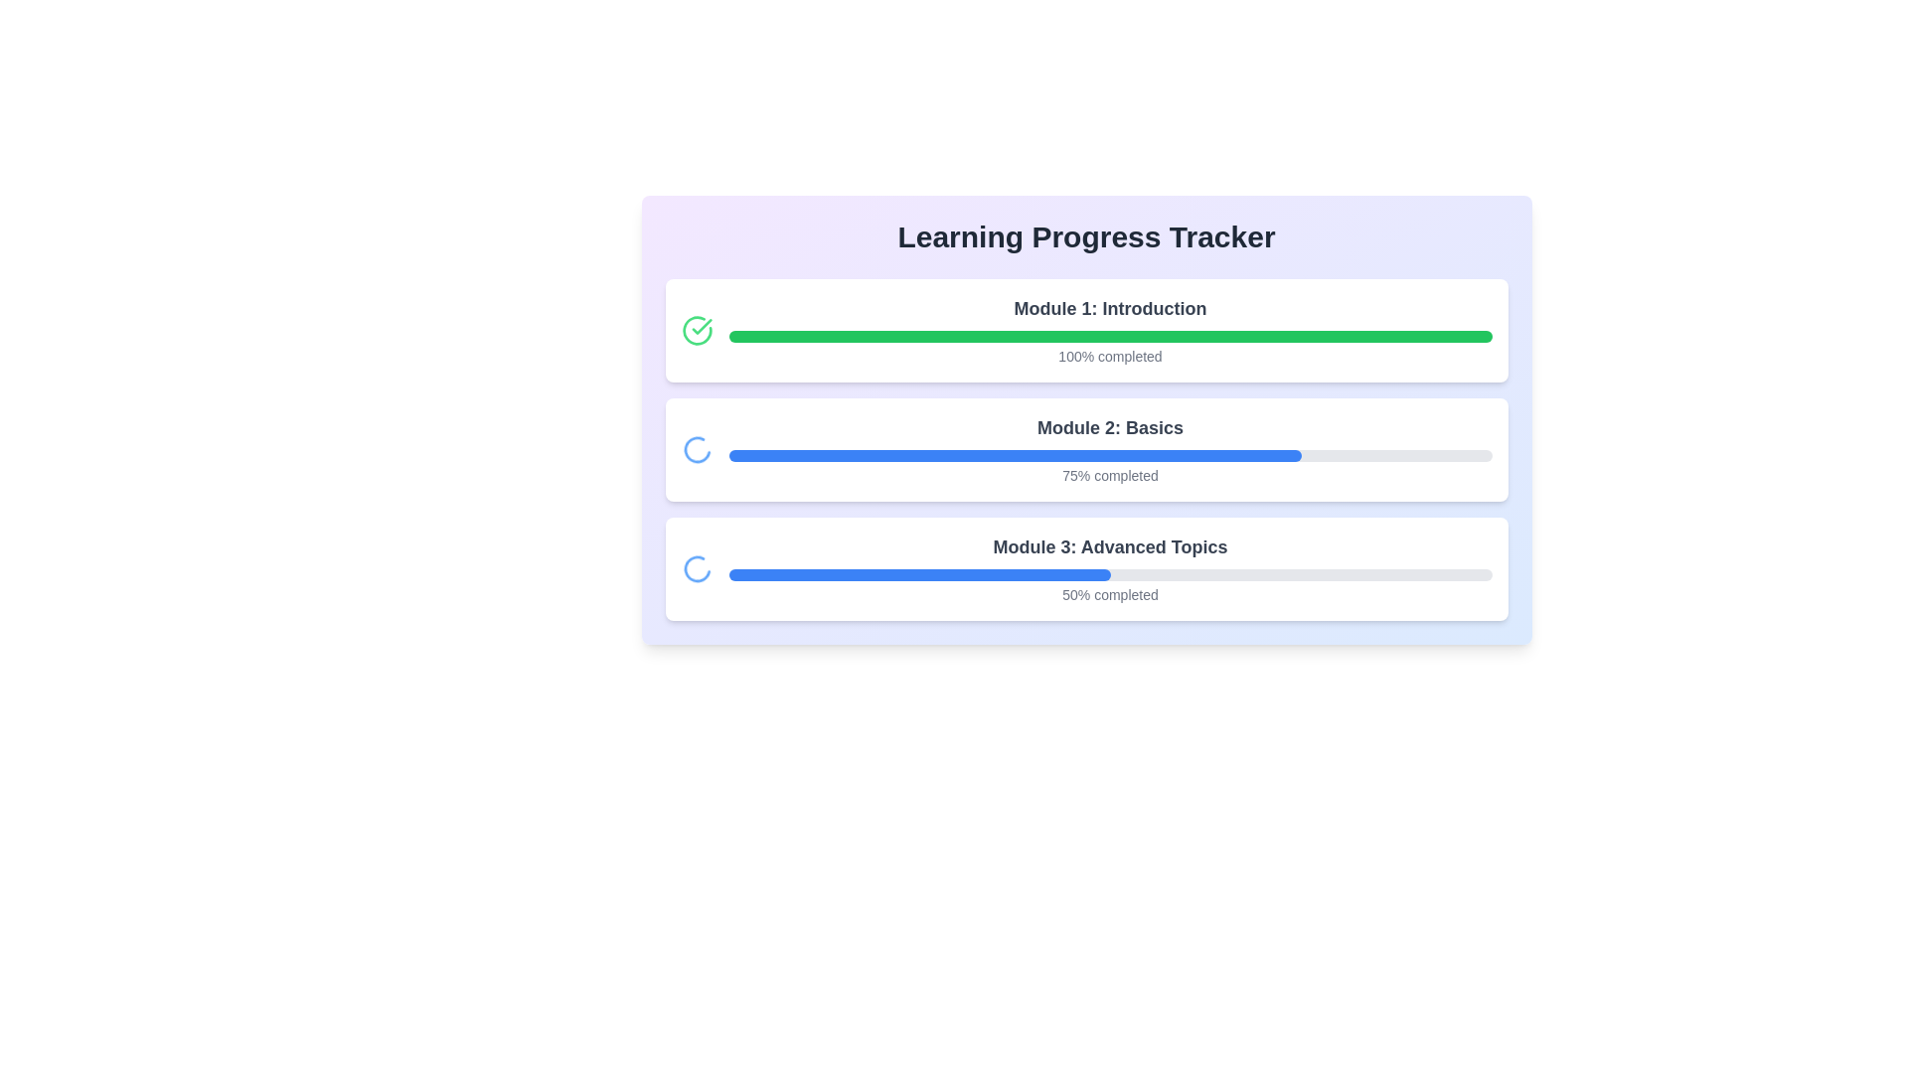 The height and width of the screenshot is (1073, 1908). I want to click on the green checkmark icon within the first progress module, which symbolizes completion and is located to the left of the green progress bar, so click(702, 325).